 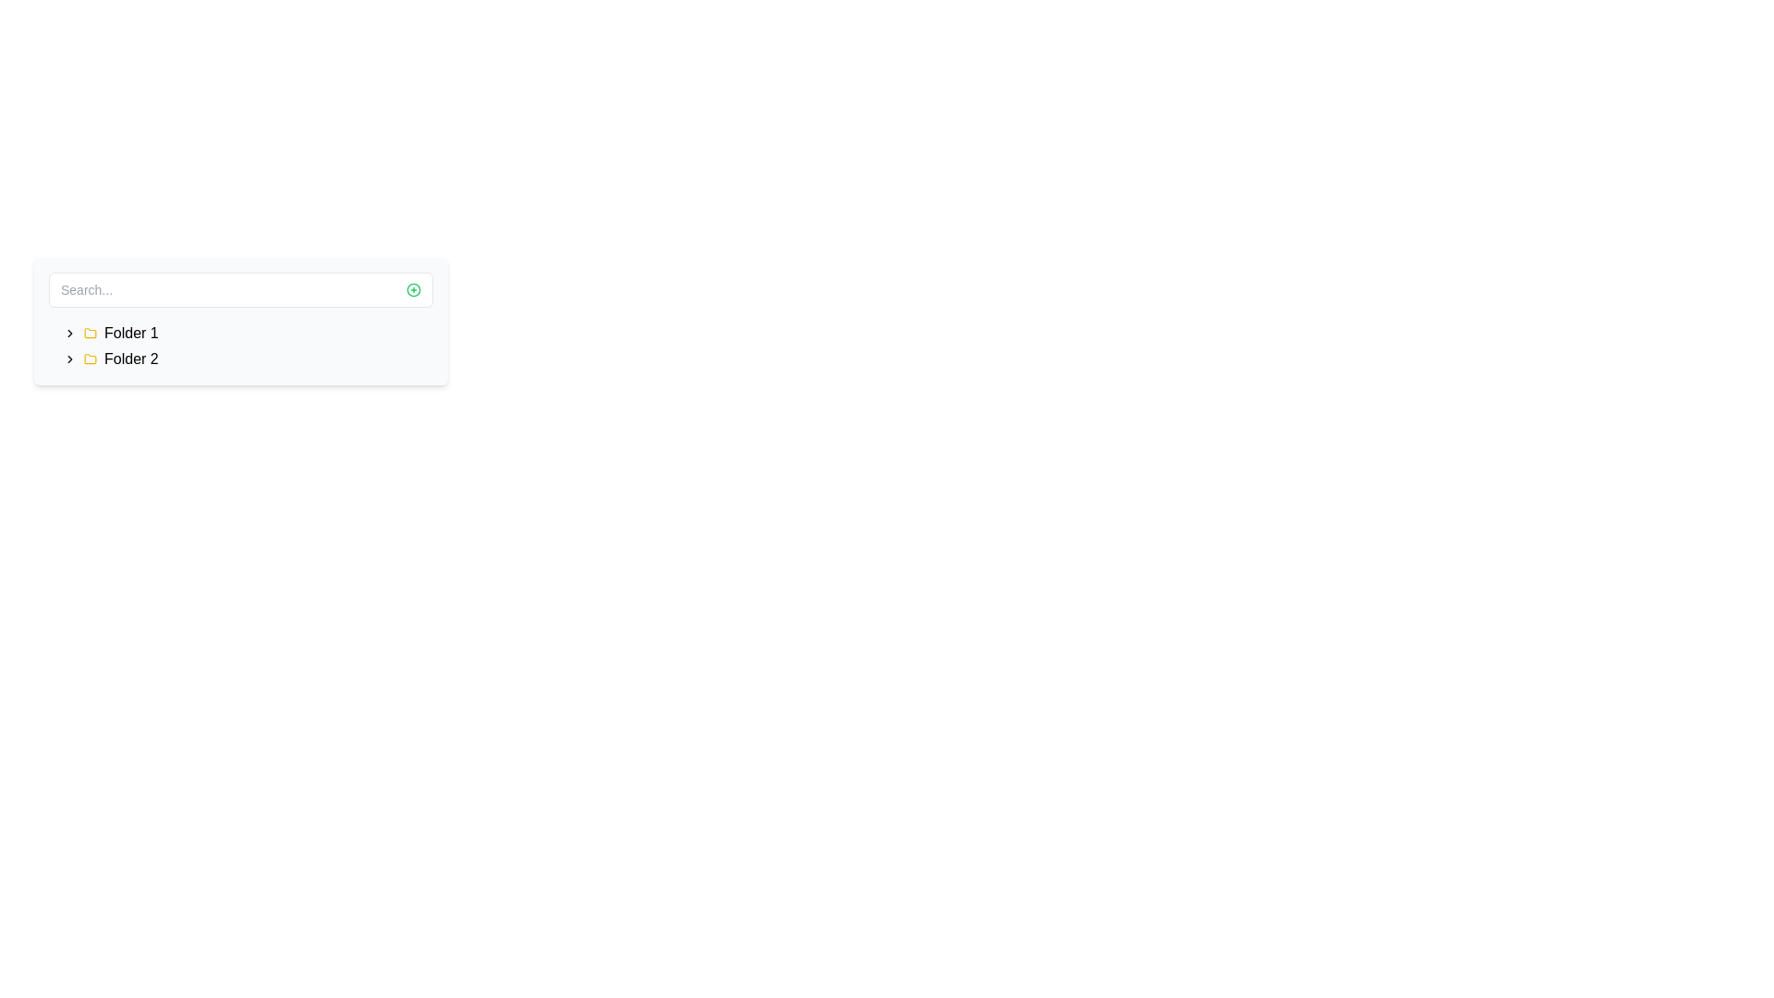 I want to click on the button styled as an arrow icon pointing to the right, which is positioned to the left of the text 'Folder 2', so click(x=70, y=359).